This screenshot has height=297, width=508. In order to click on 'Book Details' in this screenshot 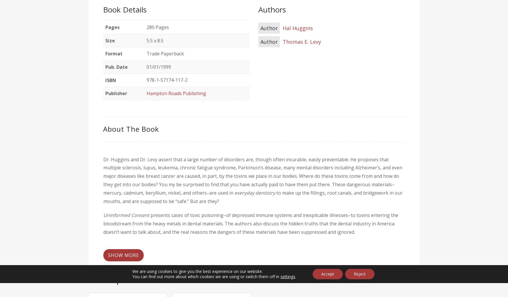, I will do `click(124, 9)`.